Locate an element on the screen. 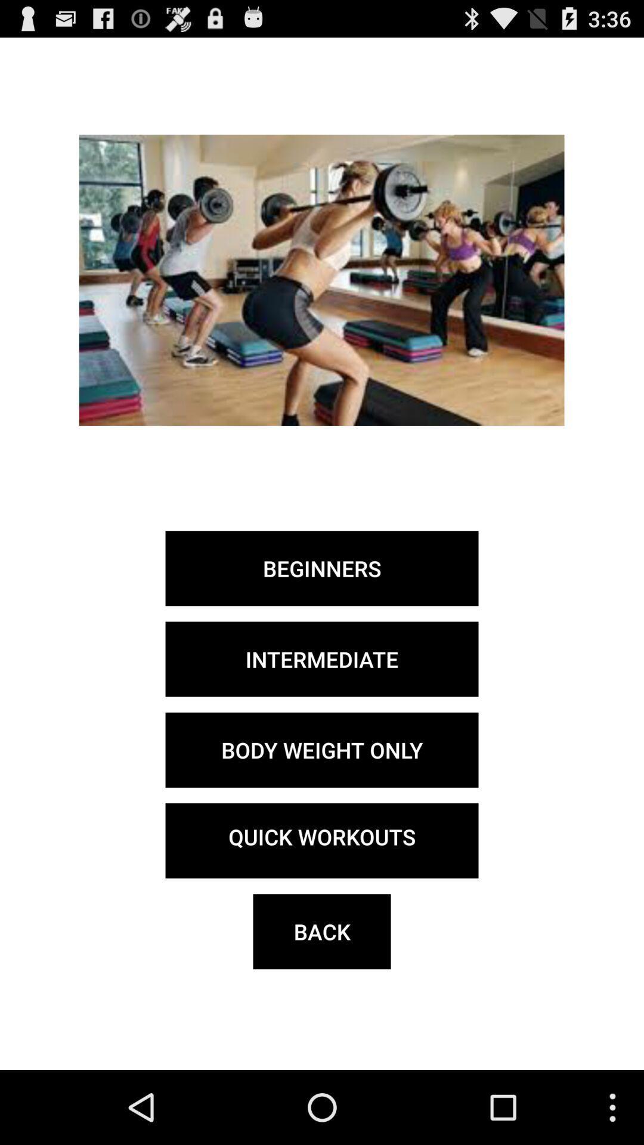 This screenshot has height=1145, width=644. the icon above back icon is located at coordinates (322, 840).